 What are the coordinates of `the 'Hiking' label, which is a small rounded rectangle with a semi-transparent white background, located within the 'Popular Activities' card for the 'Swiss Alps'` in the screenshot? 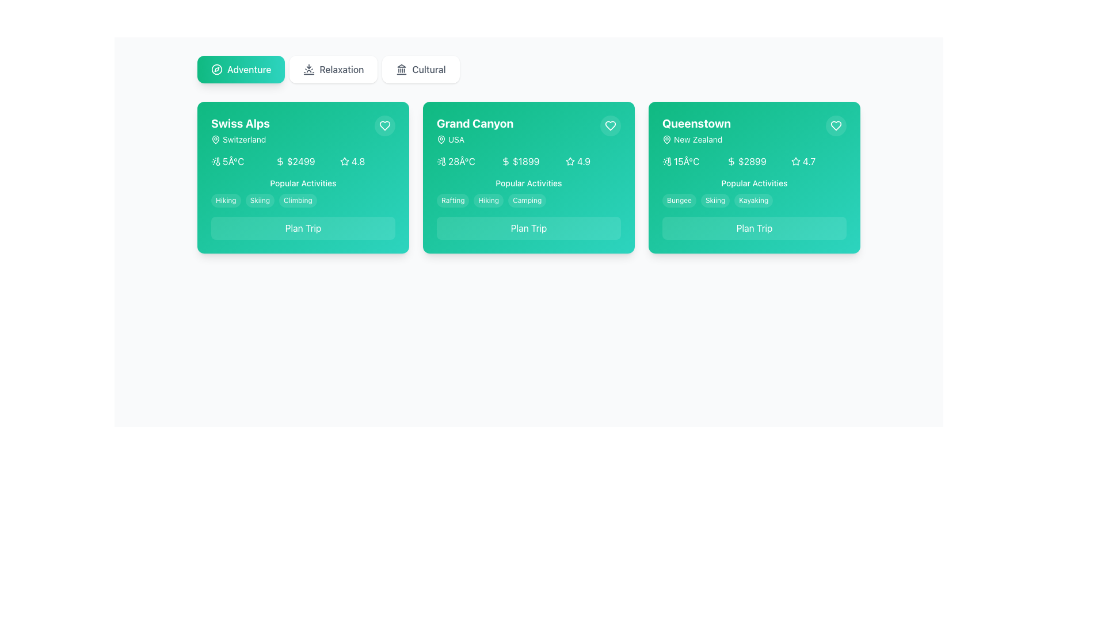 It's located at (226, 200).